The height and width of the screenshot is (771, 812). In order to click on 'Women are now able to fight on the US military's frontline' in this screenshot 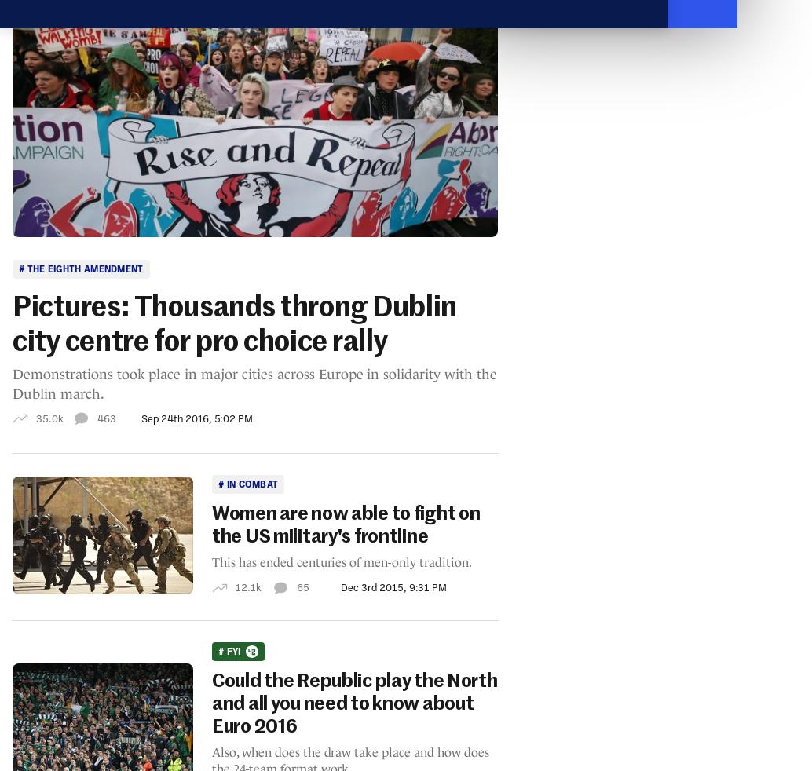, I will do `click(345, 524)`.